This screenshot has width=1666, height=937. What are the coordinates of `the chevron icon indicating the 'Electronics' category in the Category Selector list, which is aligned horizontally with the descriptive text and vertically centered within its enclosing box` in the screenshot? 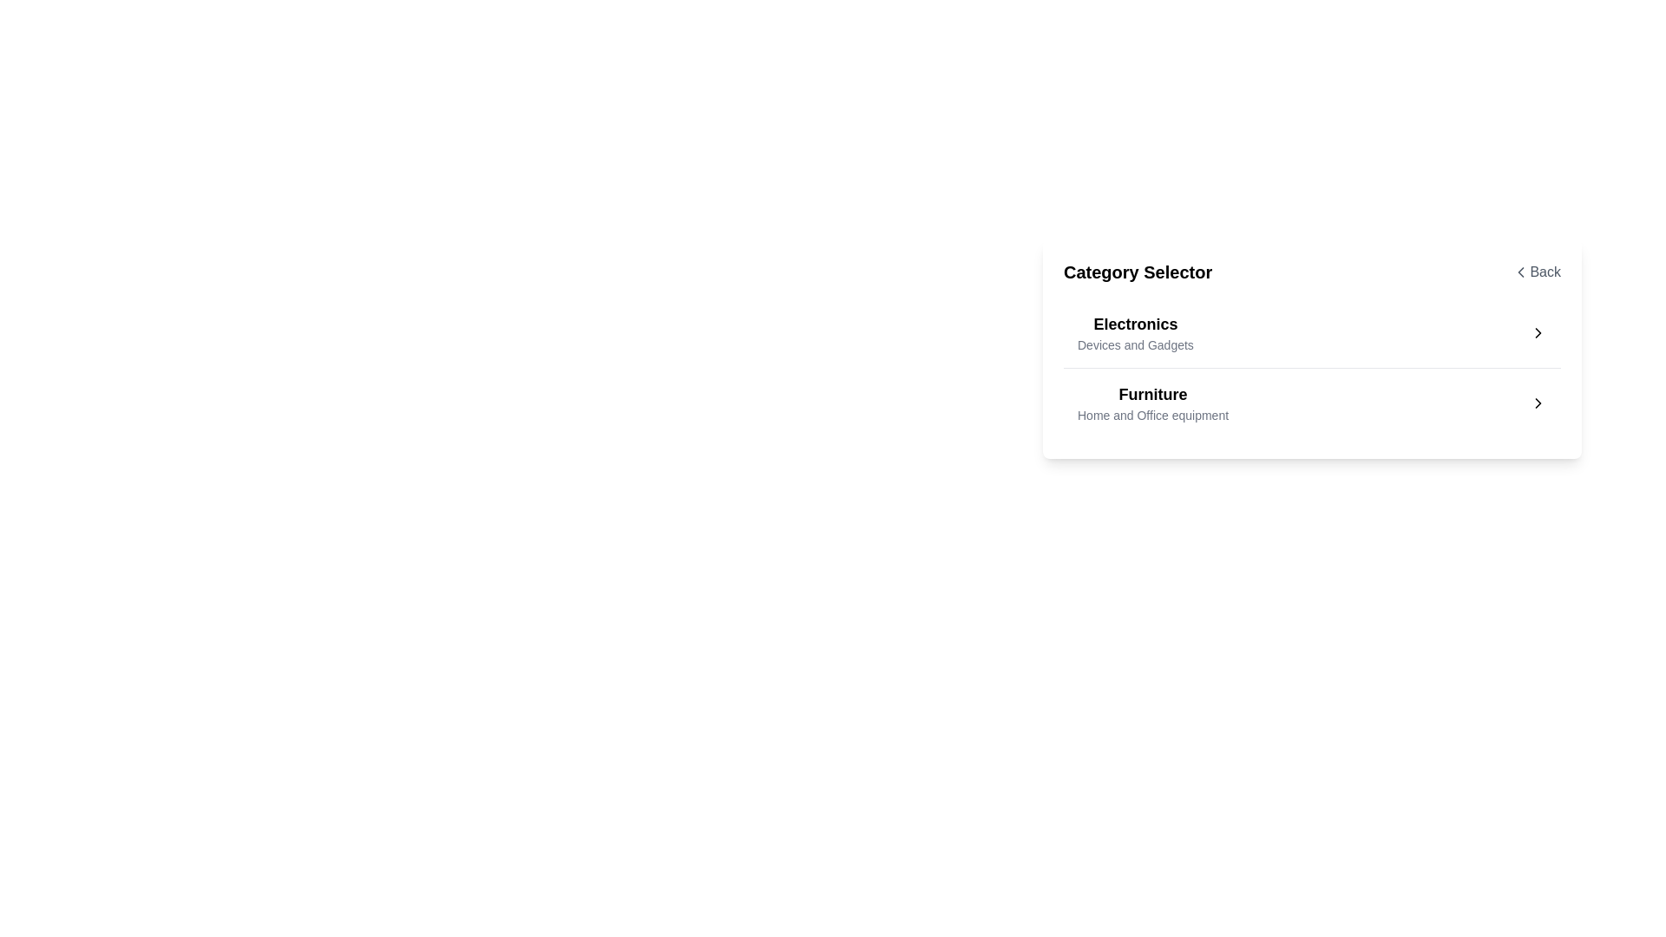 It's located at (1538, 333).